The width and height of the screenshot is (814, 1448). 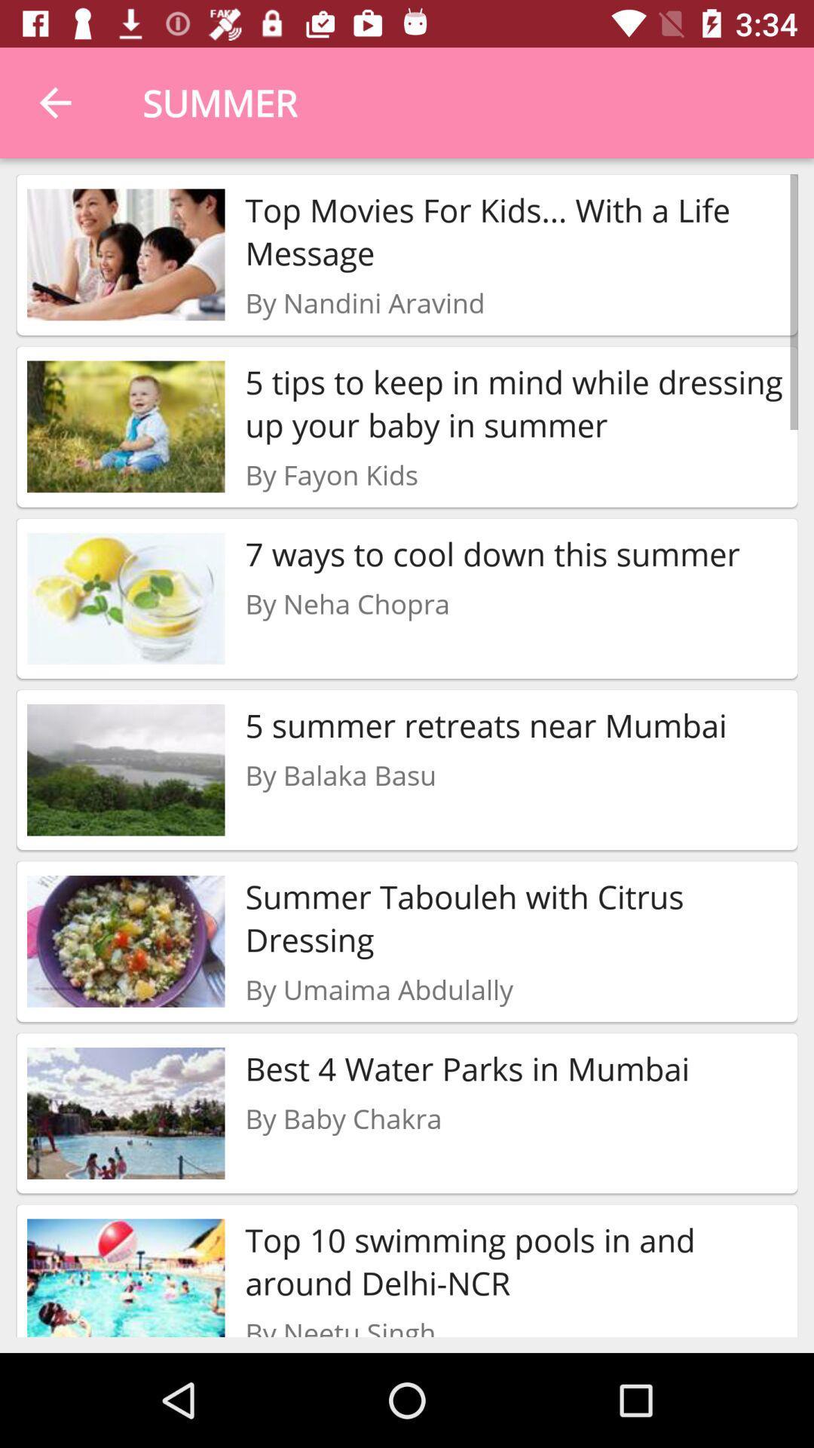 I want to click on the by balaka basu item, so click(x=341, y=775).